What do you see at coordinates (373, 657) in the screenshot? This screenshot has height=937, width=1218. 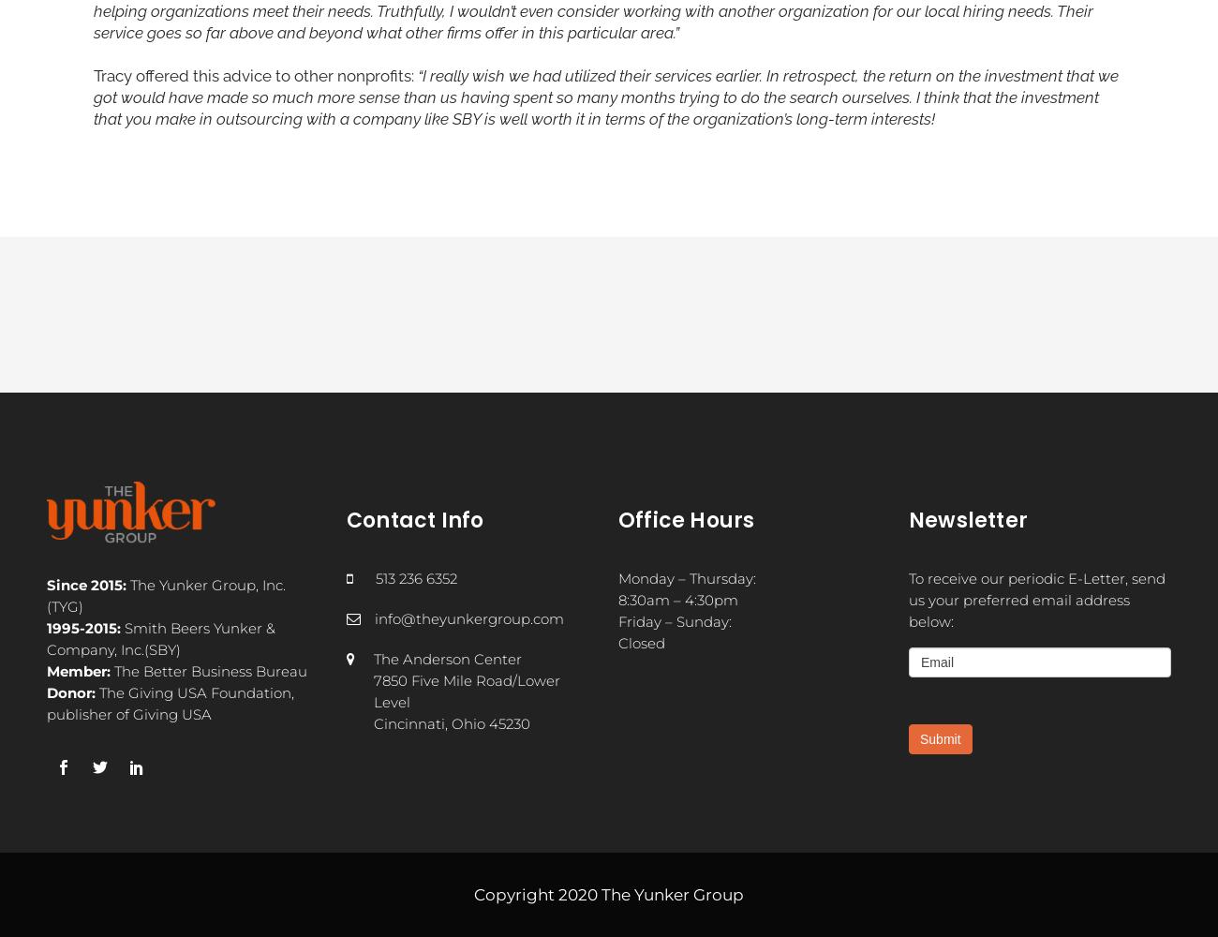 I see `'The Anderson Center'` at bounding box center [373, 657].